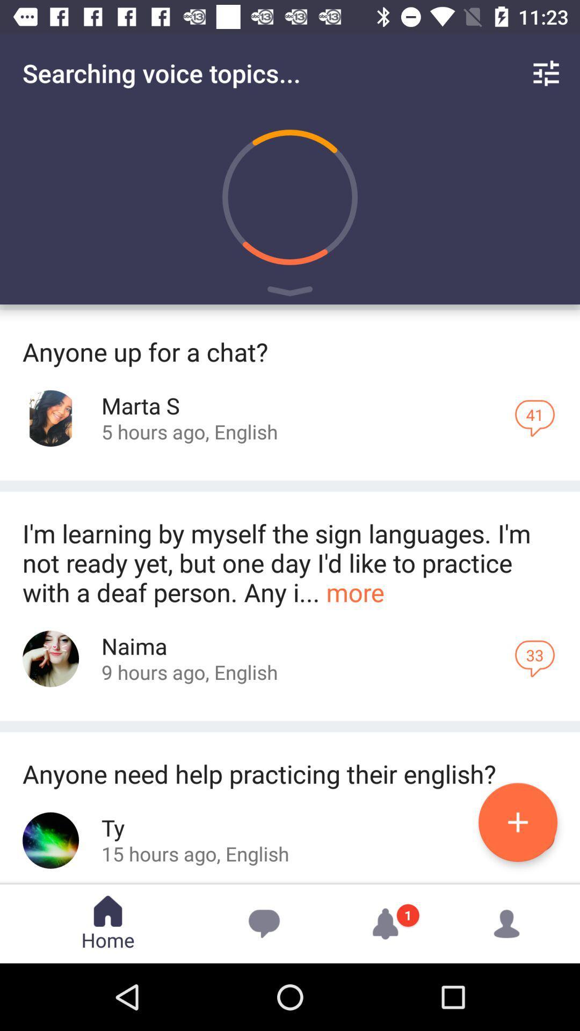  I want to click on page, so click(517, 822).